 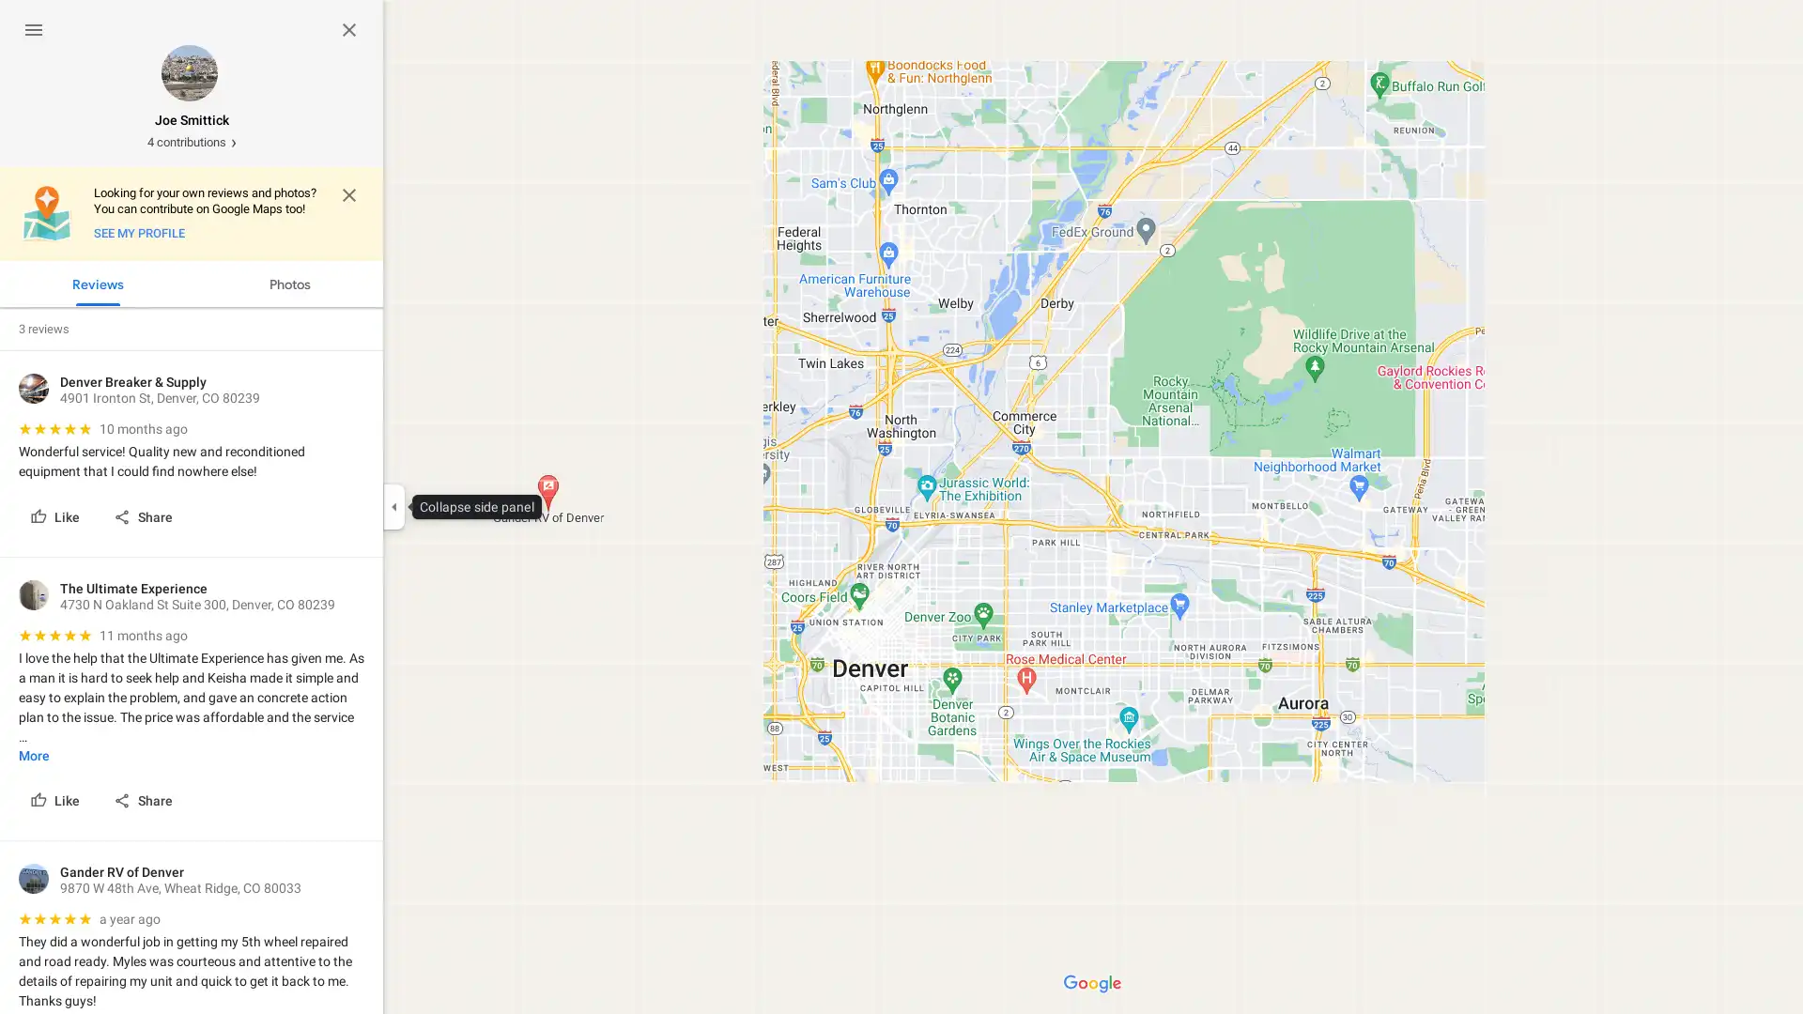 I want to click on See more, so click(x=34, y=754).